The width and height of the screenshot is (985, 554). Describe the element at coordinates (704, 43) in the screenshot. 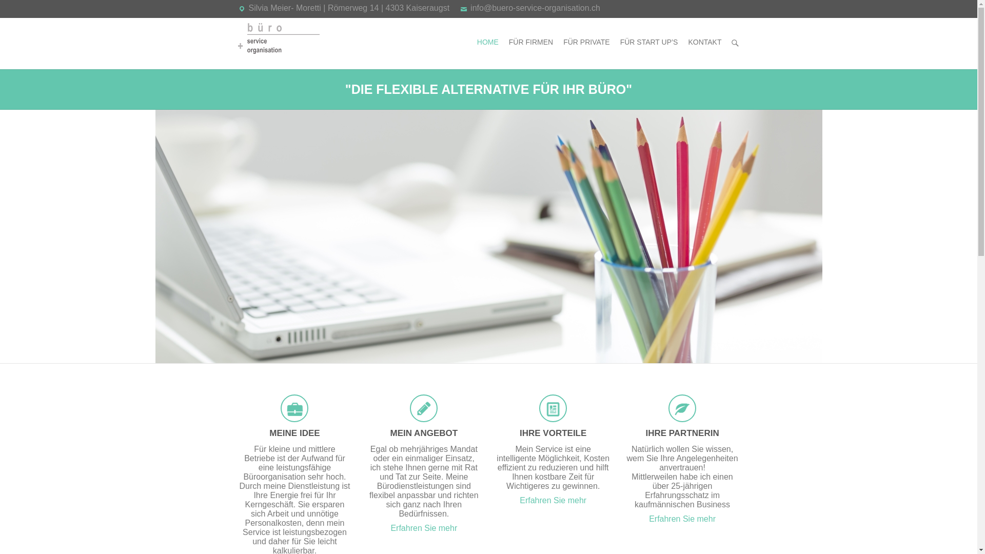

I see `'KONTAKT'` at that location.